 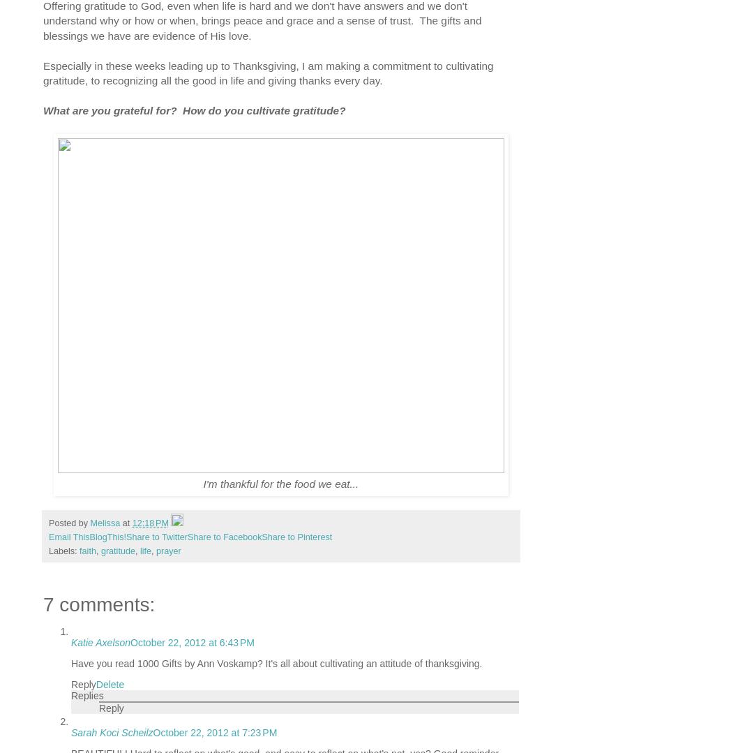 What do you see at coordinates (86, 551) in the screenshot?
I see `'faith'` at bounding box center [86, 551].